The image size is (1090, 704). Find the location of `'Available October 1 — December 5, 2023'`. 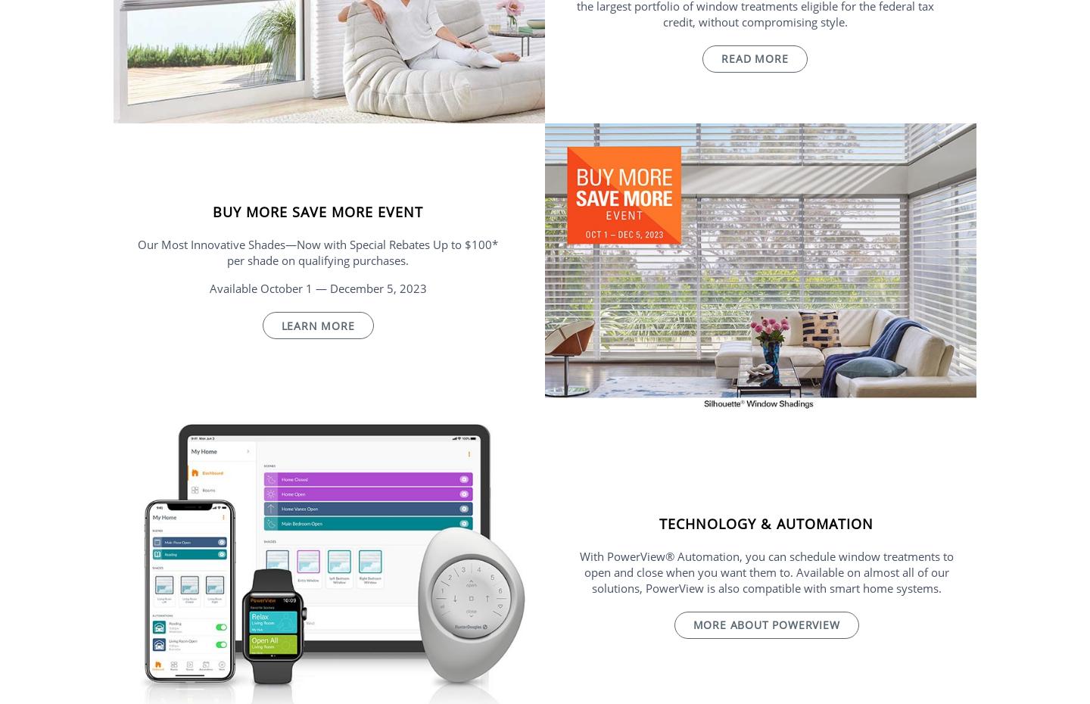

'Available October 1 — December 5, 2023' is located at coordinates (316, 288).